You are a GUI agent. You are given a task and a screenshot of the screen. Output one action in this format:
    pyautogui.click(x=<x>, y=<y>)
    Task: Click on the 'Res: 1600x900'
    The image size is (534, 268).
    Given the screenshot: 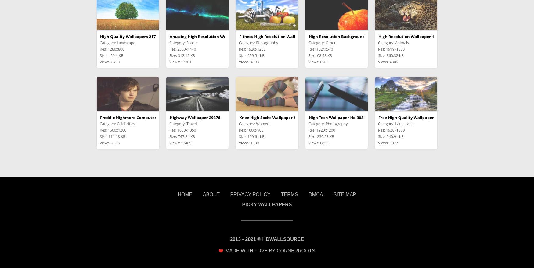 What is the action you would take?
    pyautogui.click(x=251, y=130)
    